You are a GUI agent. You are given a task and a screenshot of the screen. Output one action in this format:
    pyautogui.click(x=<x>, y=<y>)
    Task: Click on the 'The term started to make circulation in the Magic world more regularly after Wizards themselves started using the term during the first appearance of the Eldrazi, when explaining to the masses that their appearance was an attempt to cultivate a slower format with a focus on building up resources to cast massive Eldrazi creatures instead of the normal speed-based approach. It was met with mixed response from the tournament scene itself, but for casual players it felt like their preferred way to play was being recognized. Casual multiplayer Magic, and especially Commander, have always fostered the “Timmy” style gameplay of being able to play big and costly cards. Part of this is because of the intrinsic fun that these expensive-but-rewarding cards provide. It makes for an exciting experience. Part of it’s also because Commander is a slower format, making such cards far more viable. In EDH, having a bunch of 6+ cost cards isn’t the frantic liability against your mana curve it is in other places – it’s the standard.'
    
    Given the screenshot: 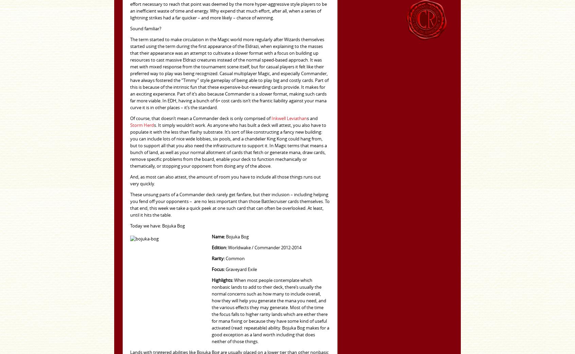 What is the action you would take?
    pyautogui.click(x=229, y=73)
    